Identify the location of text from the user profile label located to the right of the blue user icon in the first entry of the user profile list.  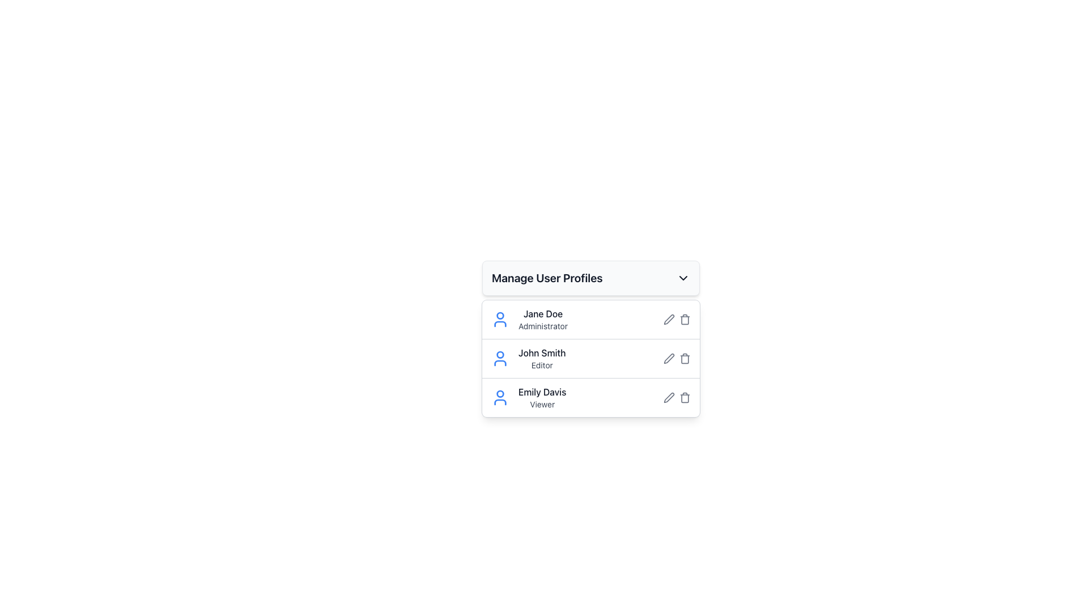
(542, 319).